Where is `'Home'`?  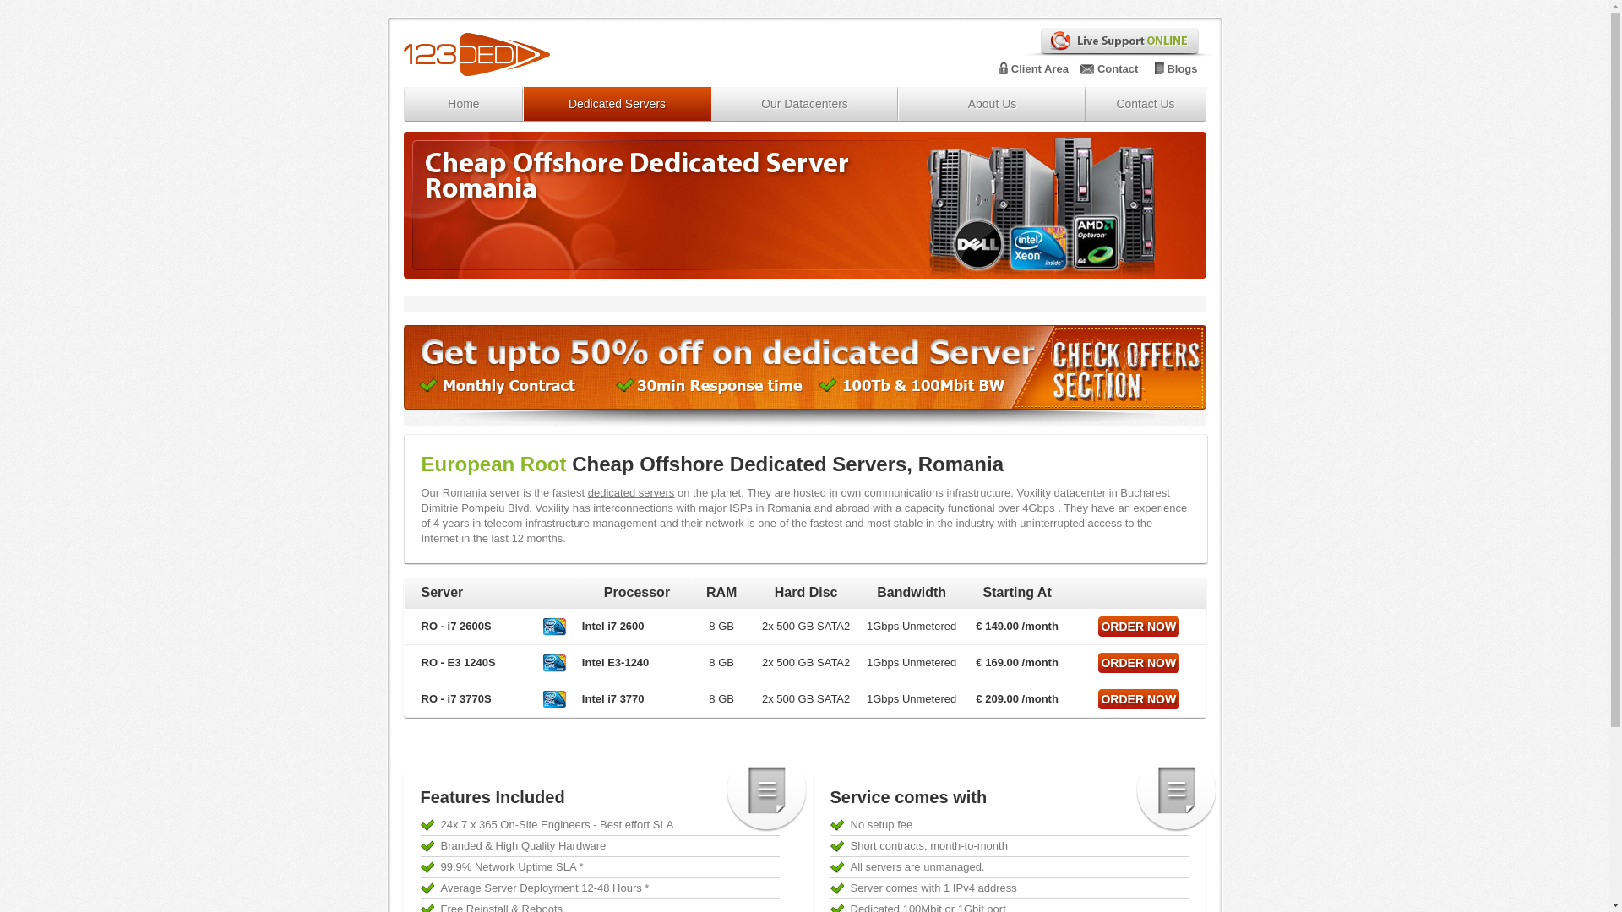 'Home' is located at coordinates (463, 104).